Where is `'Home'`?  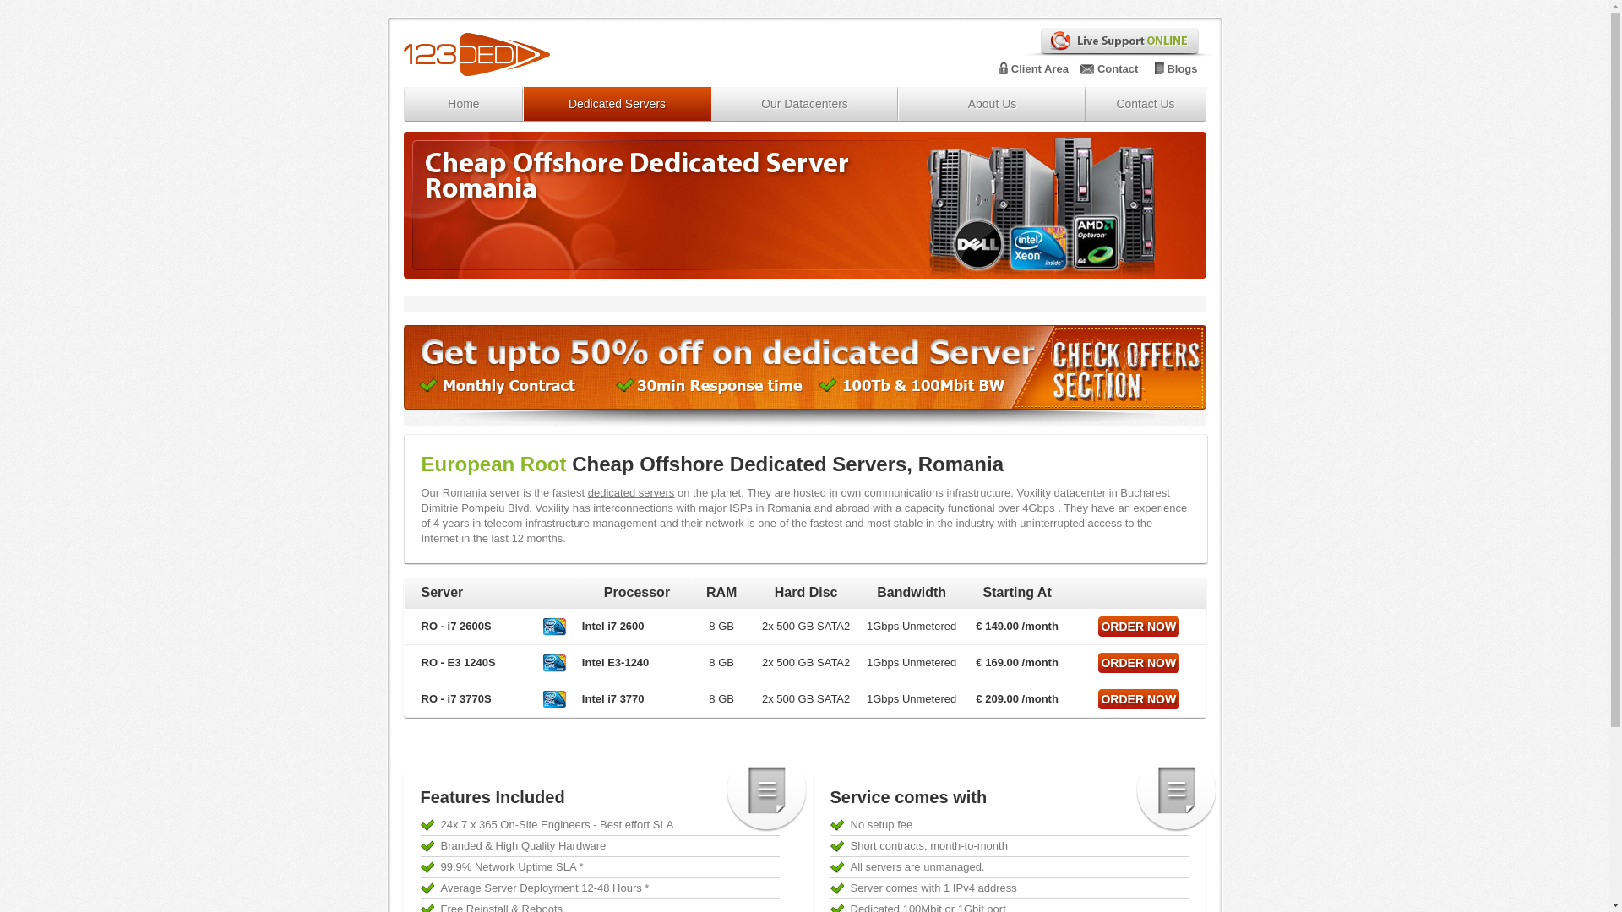 'Home' is located at coordinates (463, 104).